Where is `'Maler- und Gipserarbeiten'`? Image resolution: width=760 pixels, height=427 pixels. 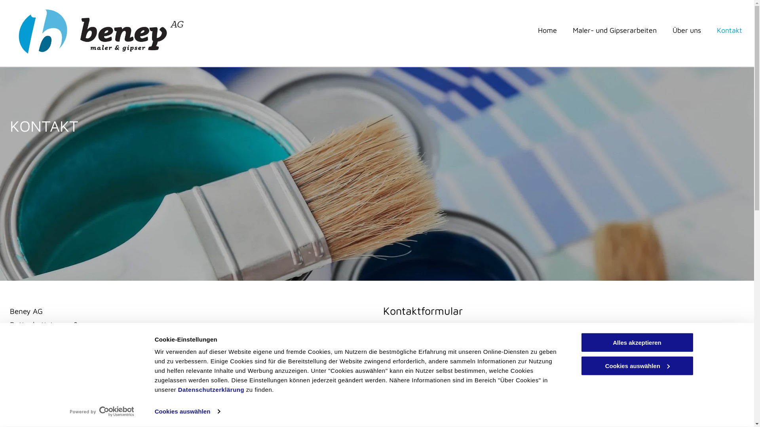 'Maler- und Gipserarbeiten' is located at coordinates (614, 30).